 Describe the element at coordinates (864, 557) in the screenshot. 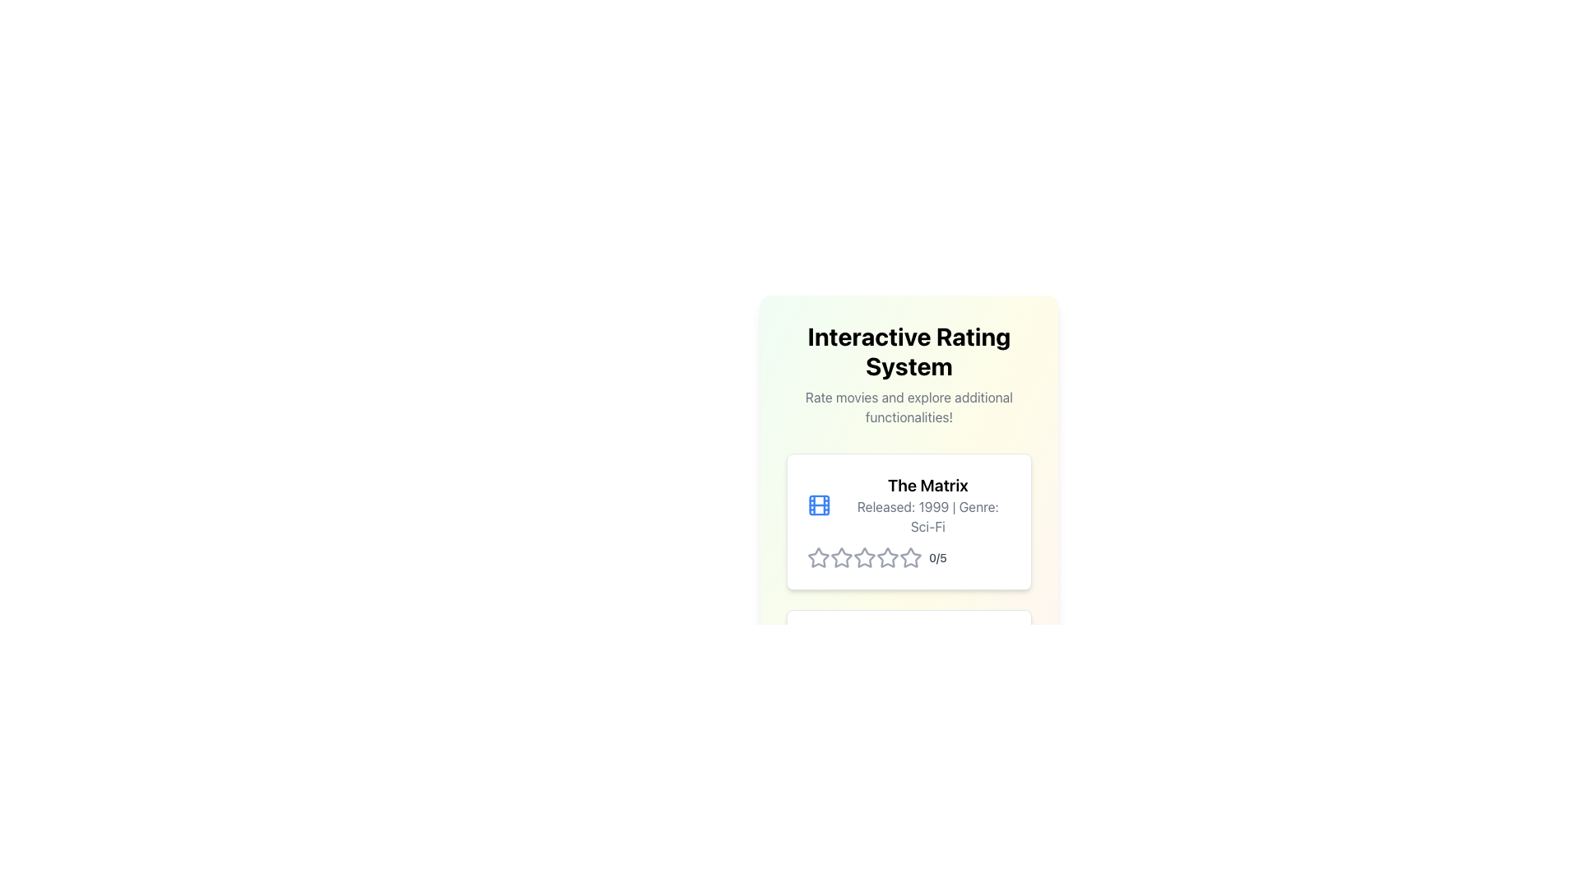

I see `the third star rating element under the rating section for 'The Matrix'` at that location.